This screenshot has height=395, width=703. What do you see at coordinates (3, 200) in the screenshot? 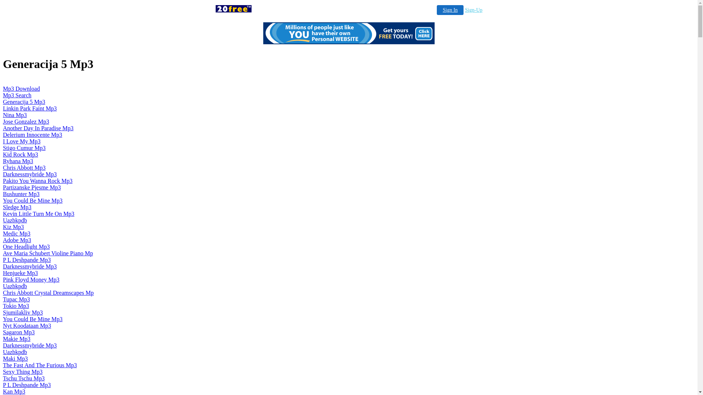
I see `'You Could Be Mine Mp3'` at bounding box center [3, 200].